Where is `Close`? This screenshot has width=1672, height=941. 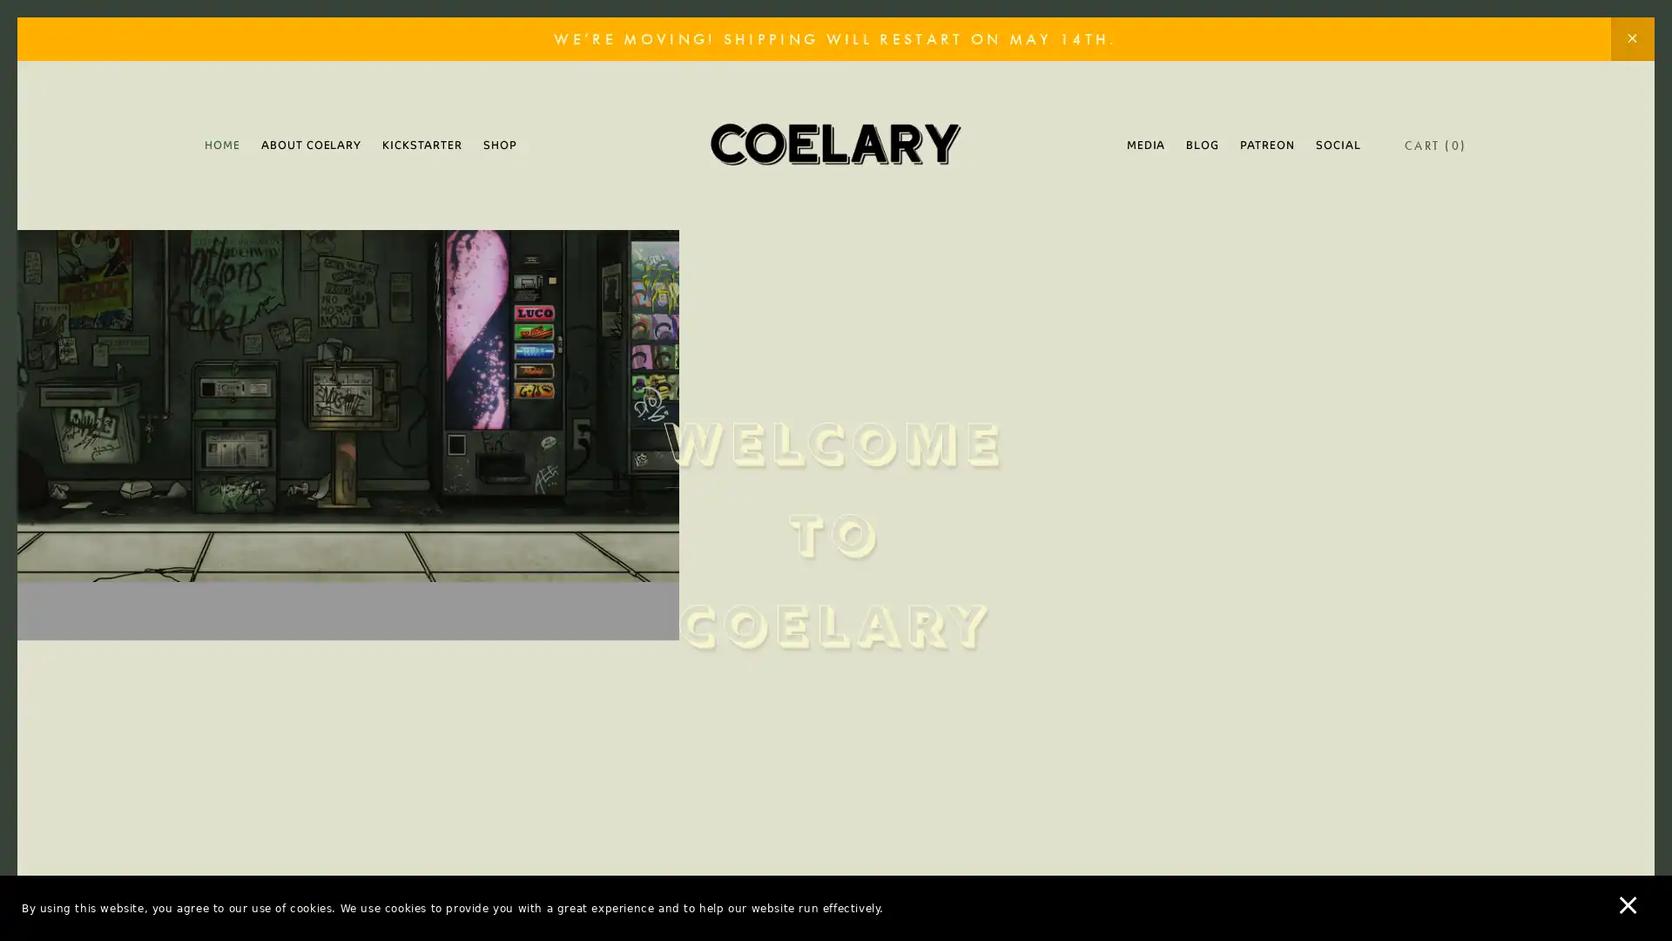 Close is located at coordinates (1141, 203).